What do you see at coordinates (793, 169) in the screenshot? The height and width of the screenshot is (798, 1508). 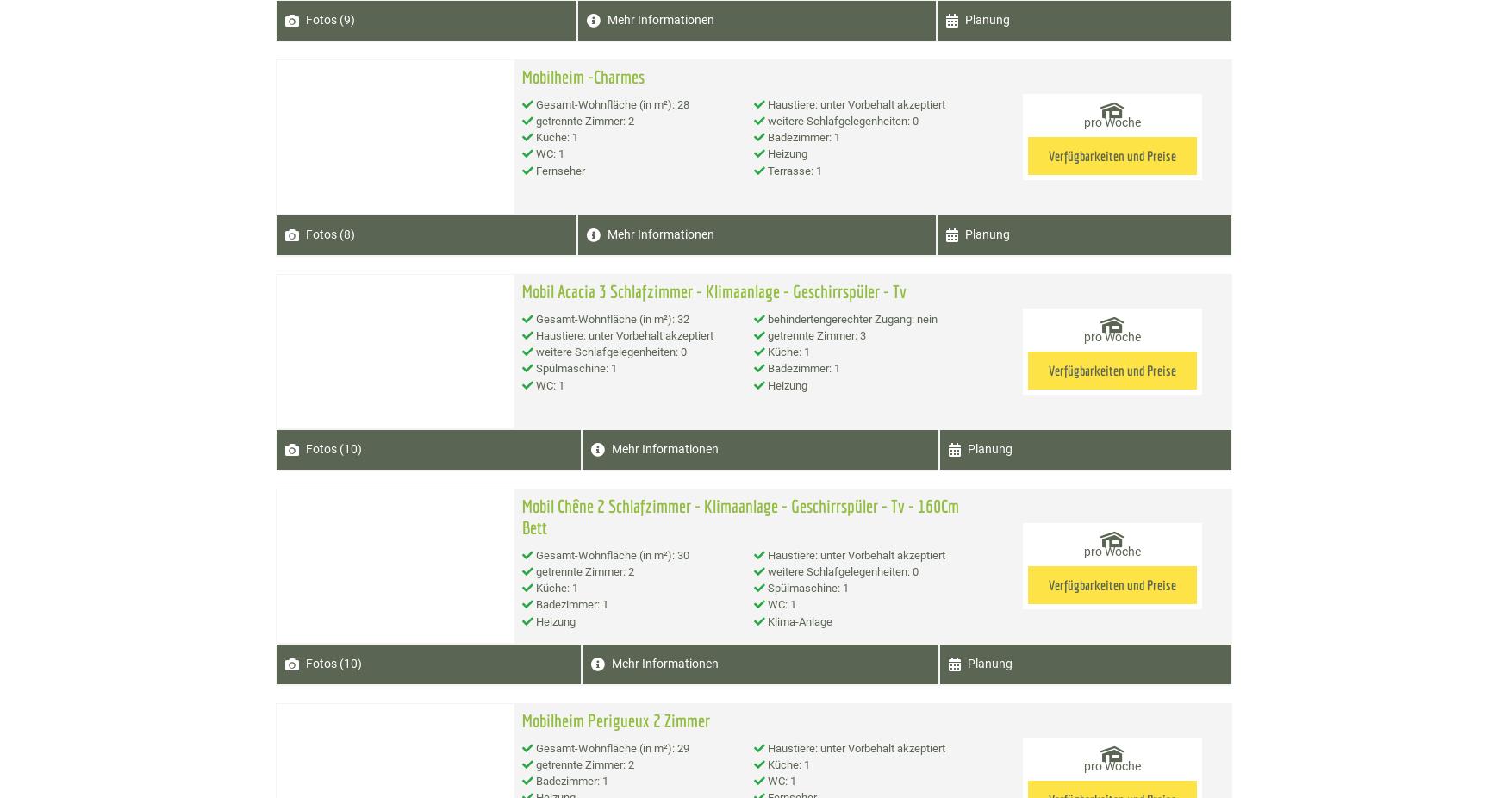 I see `'Terrasse: 1'` at bounding box center [793, 169].